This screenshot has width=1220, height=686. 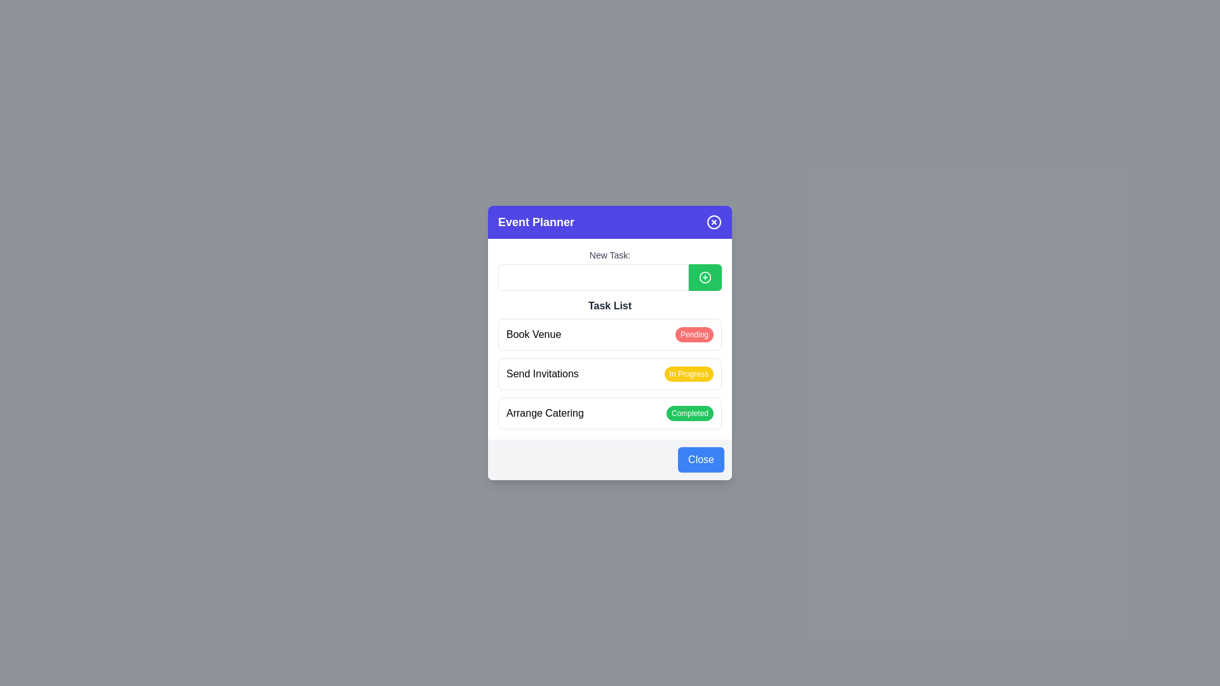 I want to click on the small badge-shaped component with a green background and white text reading 'Completed', located to the right of the 'Arrange Catering' text within the task list section of the dialog box, so click(x=689, y=414).